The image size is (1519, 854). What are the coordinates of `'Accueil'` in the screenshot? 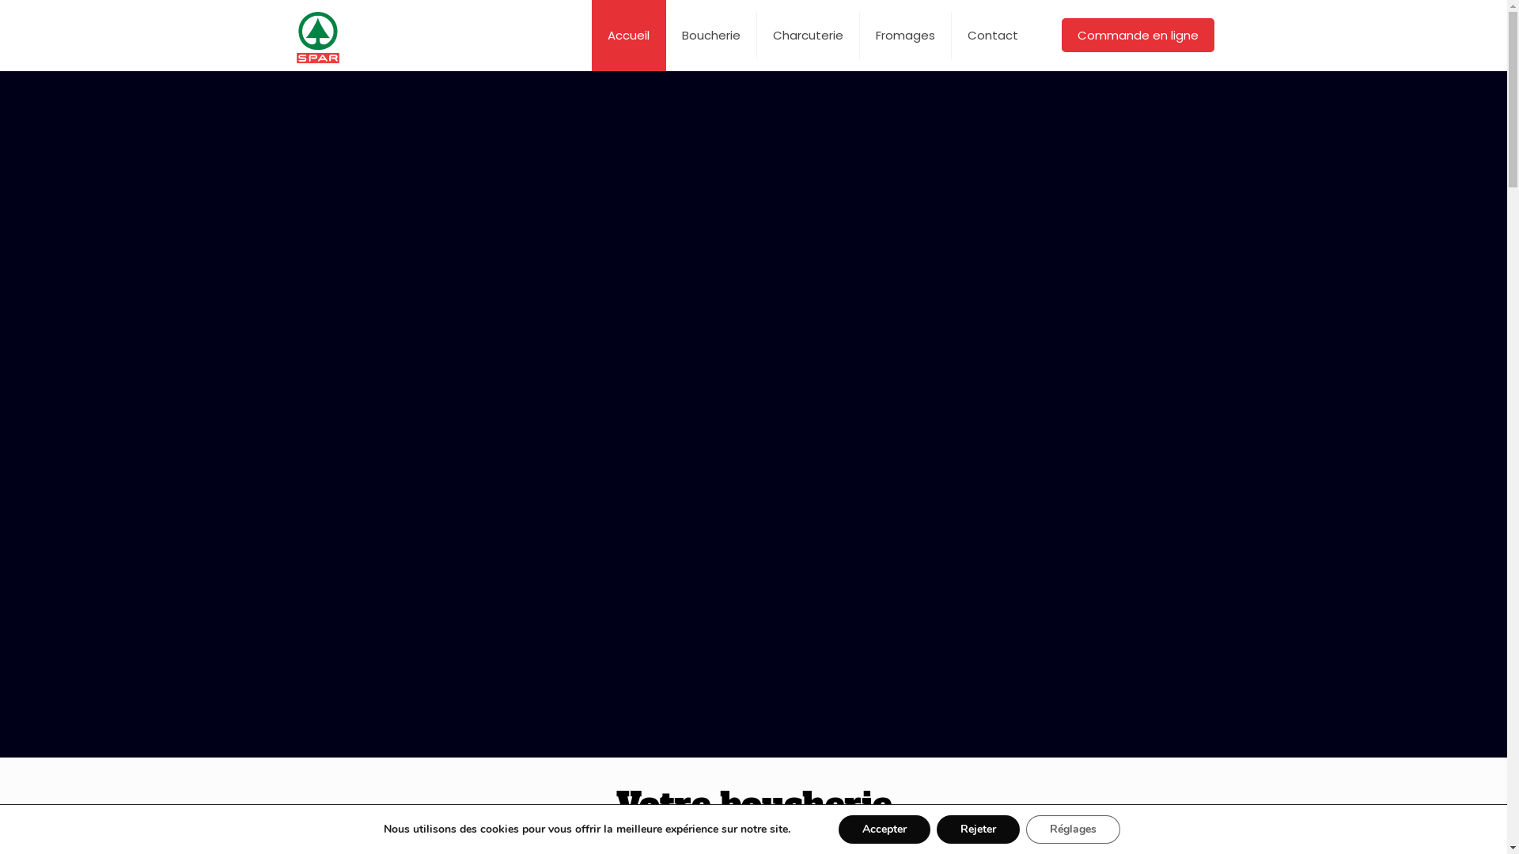 It's located at (628, 36).